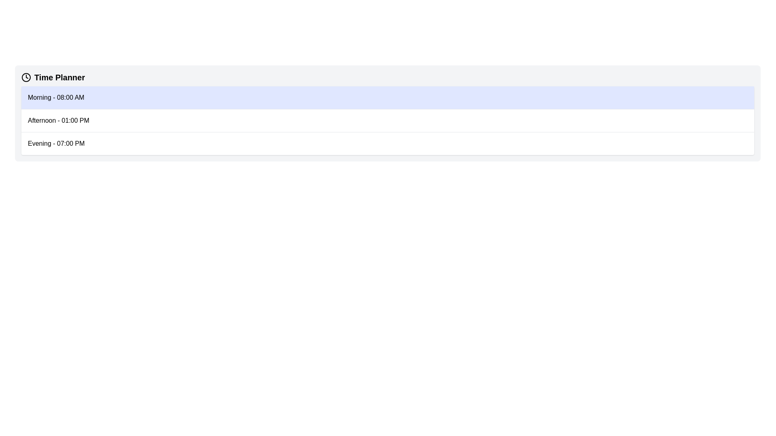  Describe the element at coordinates (26, 78) in the screenshot. I see `the SVG Circle element that forms part of the clock design in the top-left corner of the interface` at that location.